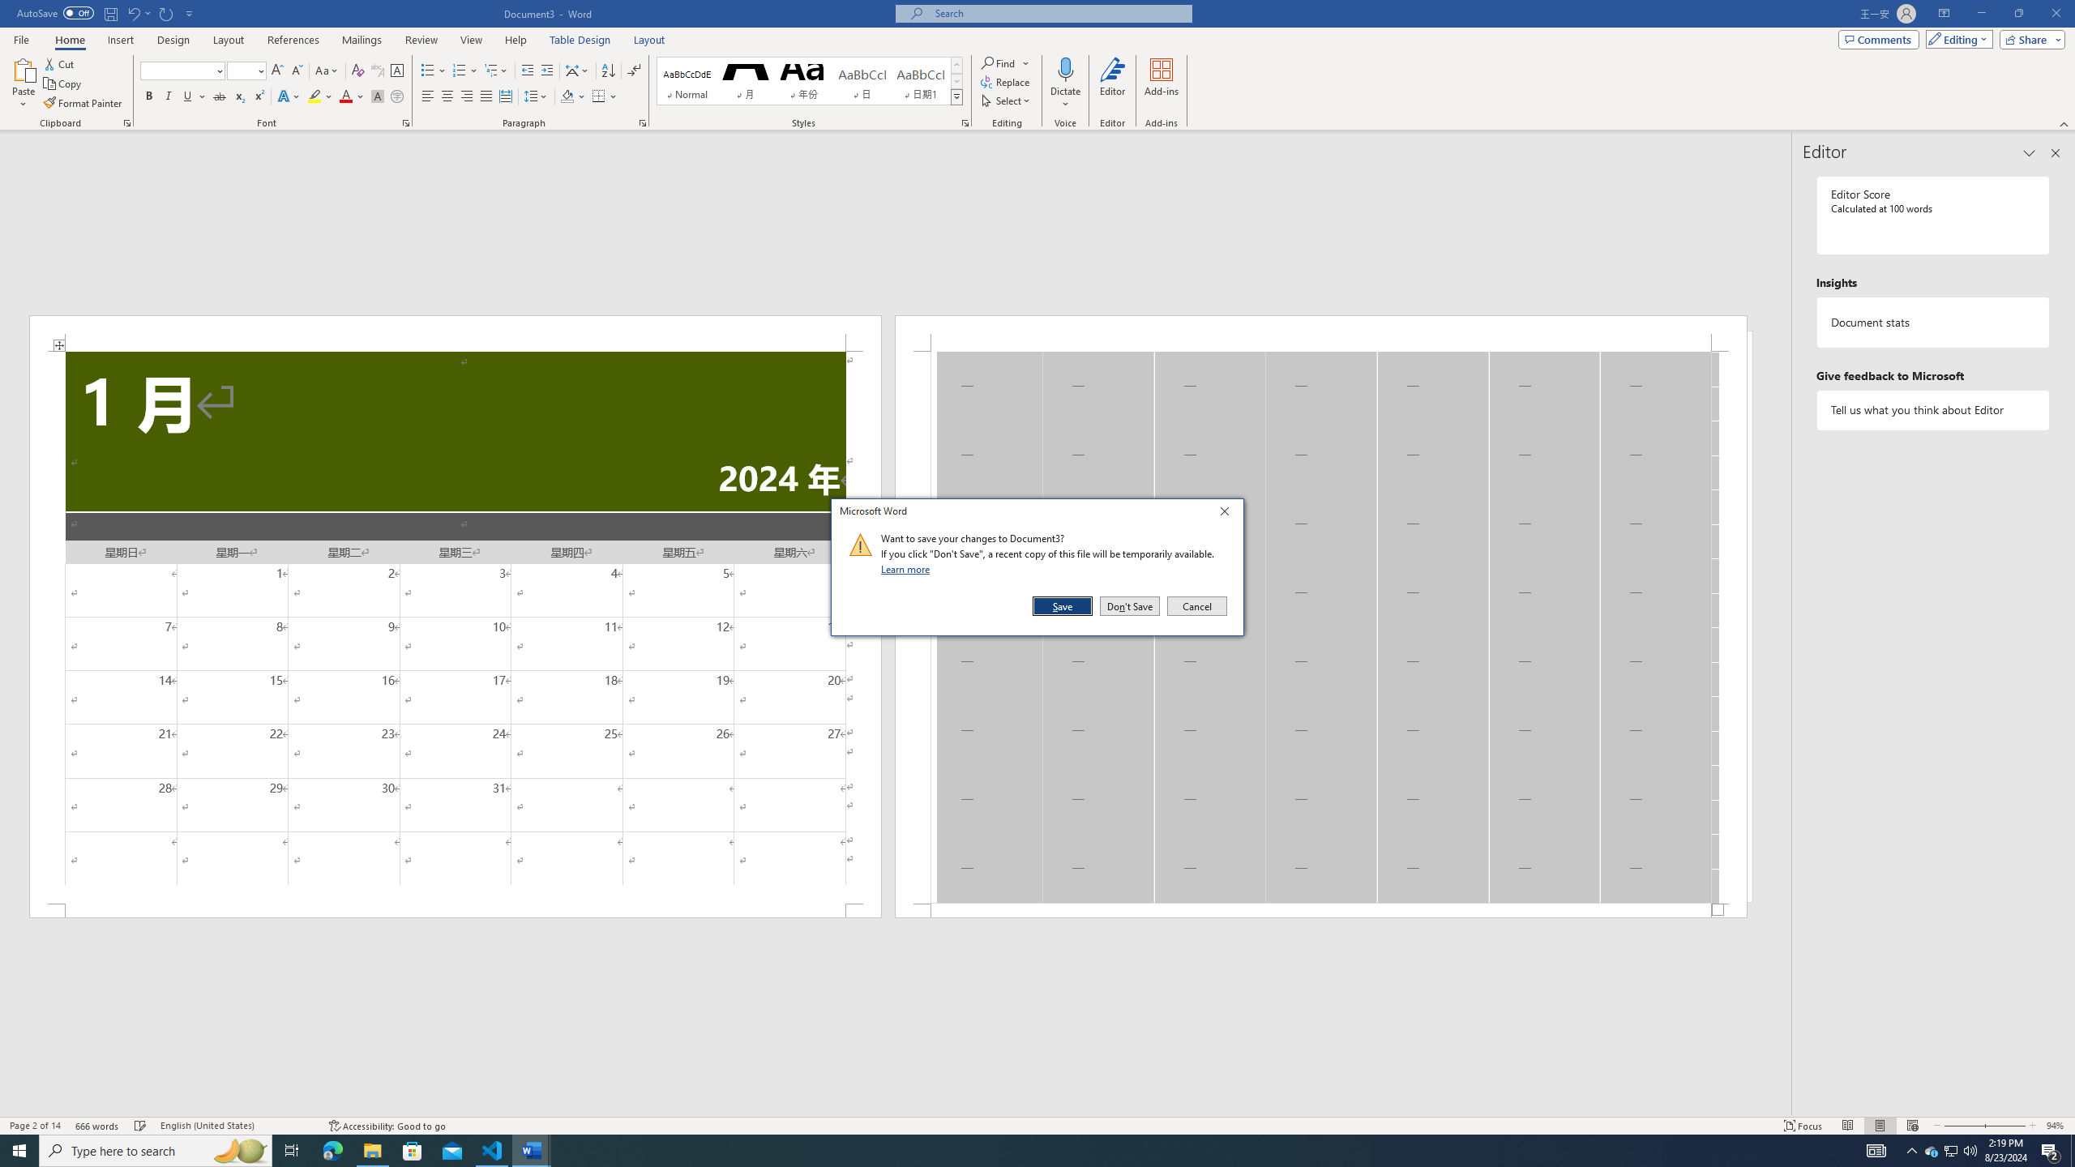  What do you see at coordinates (572, 96) in the screenshot?
I see `'Shading'` at bounding box center [572, 96].